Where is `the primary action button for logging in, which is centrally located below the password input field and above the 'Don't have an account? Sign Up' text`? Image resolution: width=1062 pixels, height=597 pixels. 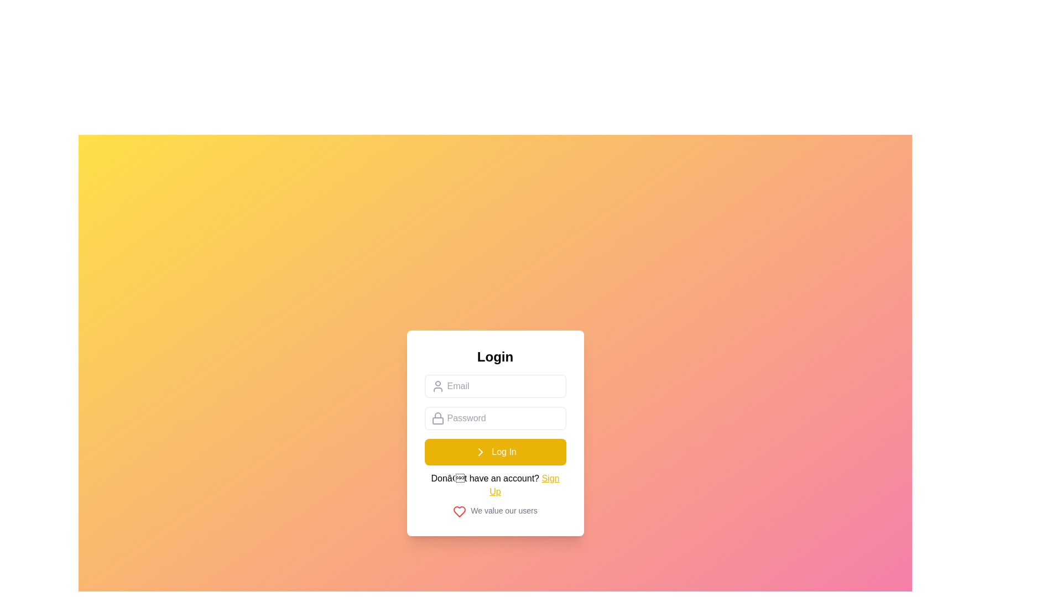 the primary action button for logging in, which is centrally located below the password input field and above the 'Don't have an account? Sign Up' text is located at coordinates (494, 452).